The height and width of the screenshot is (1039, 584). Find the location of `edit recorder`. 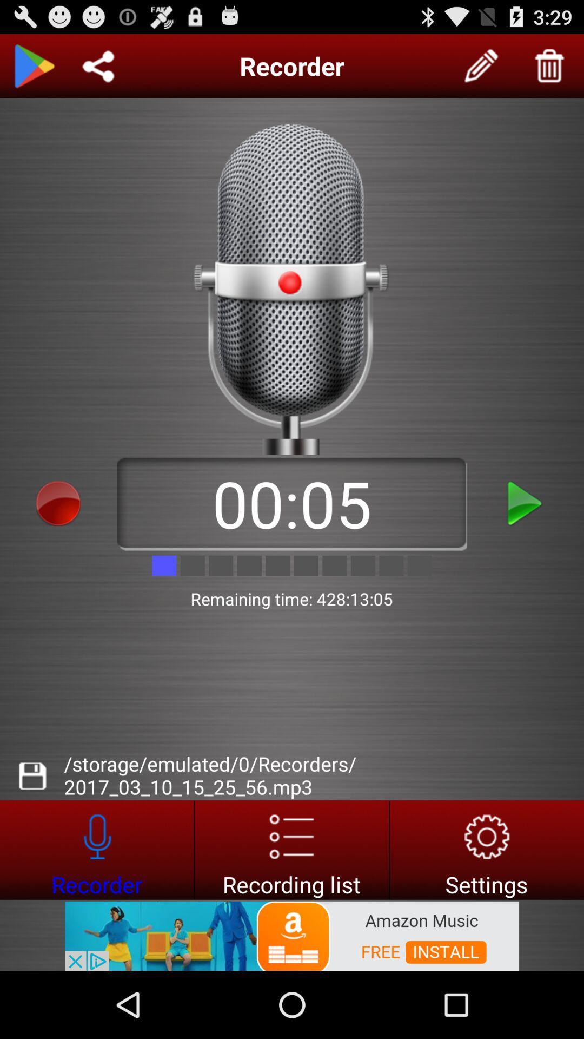

edit recorder is located at coordinates (481, 65).